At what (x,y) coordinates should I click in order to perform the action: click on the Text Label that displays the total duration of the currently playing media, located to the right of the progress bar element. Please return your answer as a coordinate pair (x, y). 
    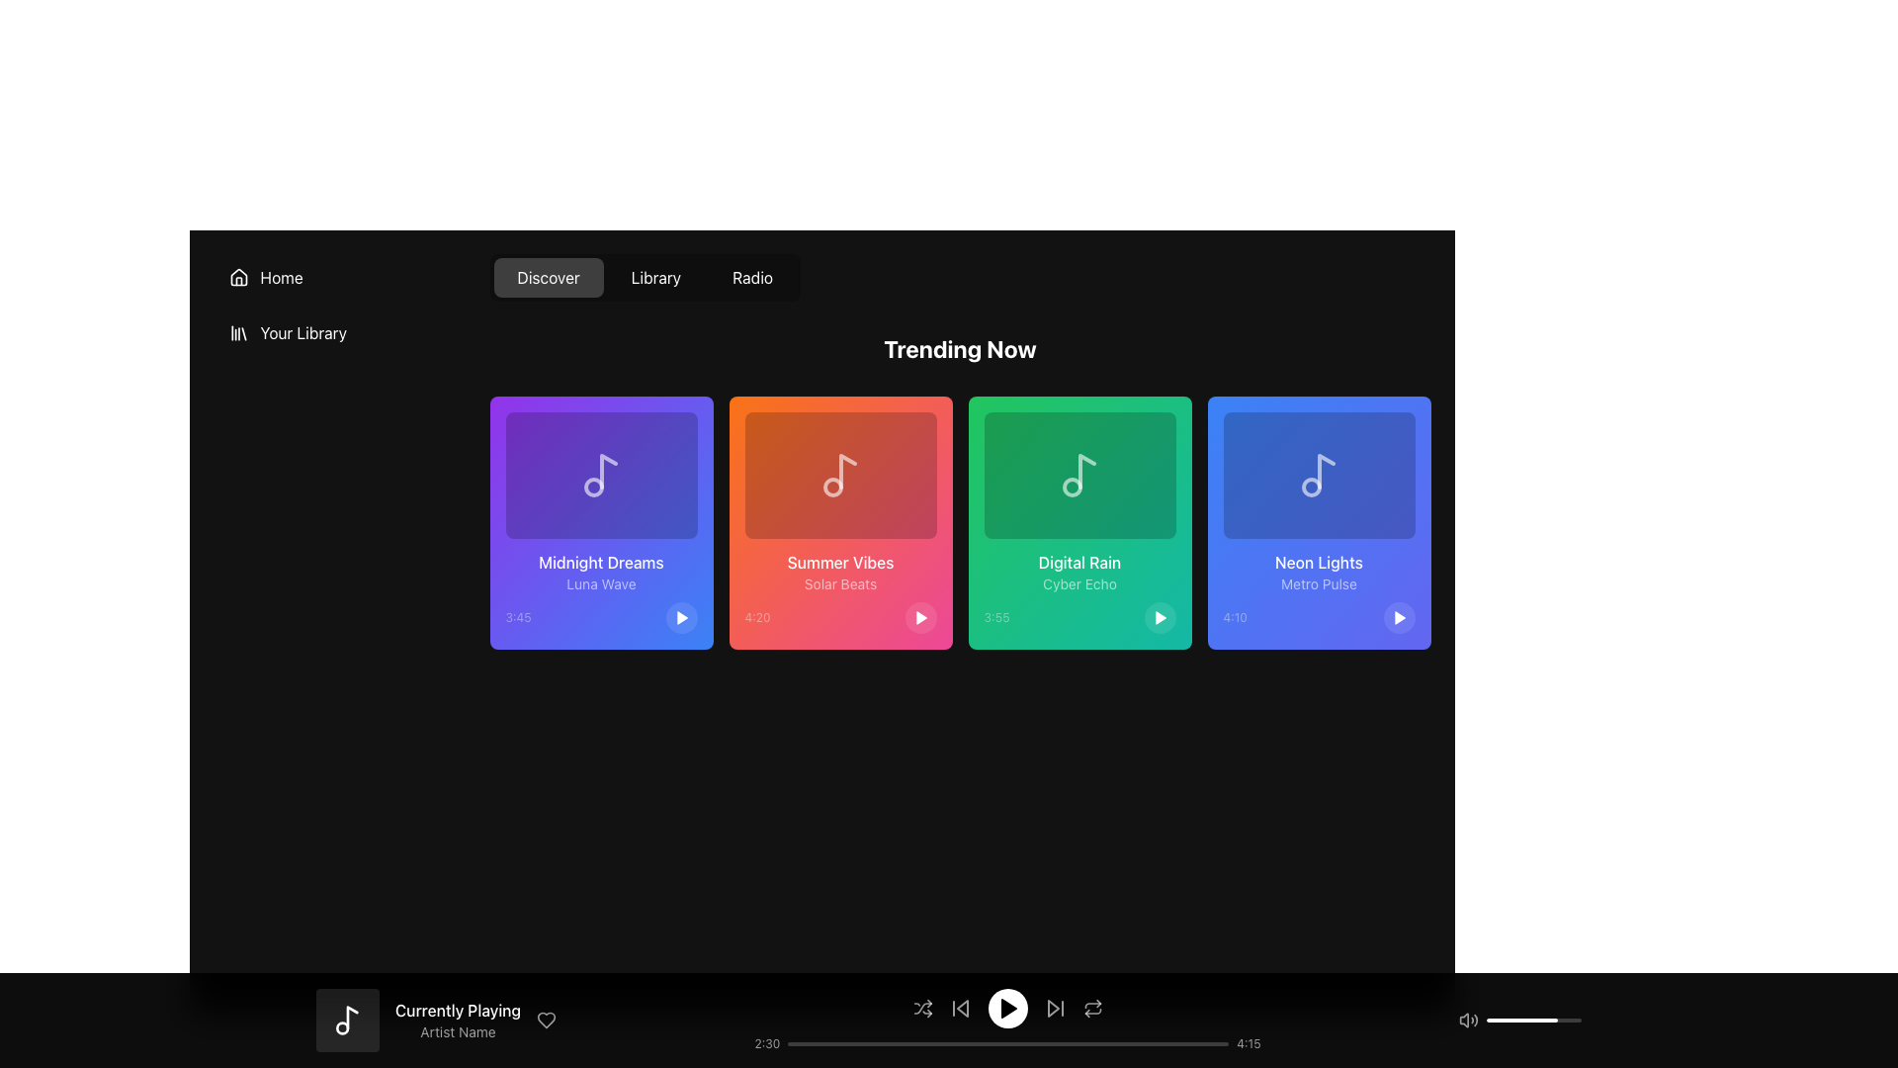
    Looking at the image, I should click on (1248, 1043).